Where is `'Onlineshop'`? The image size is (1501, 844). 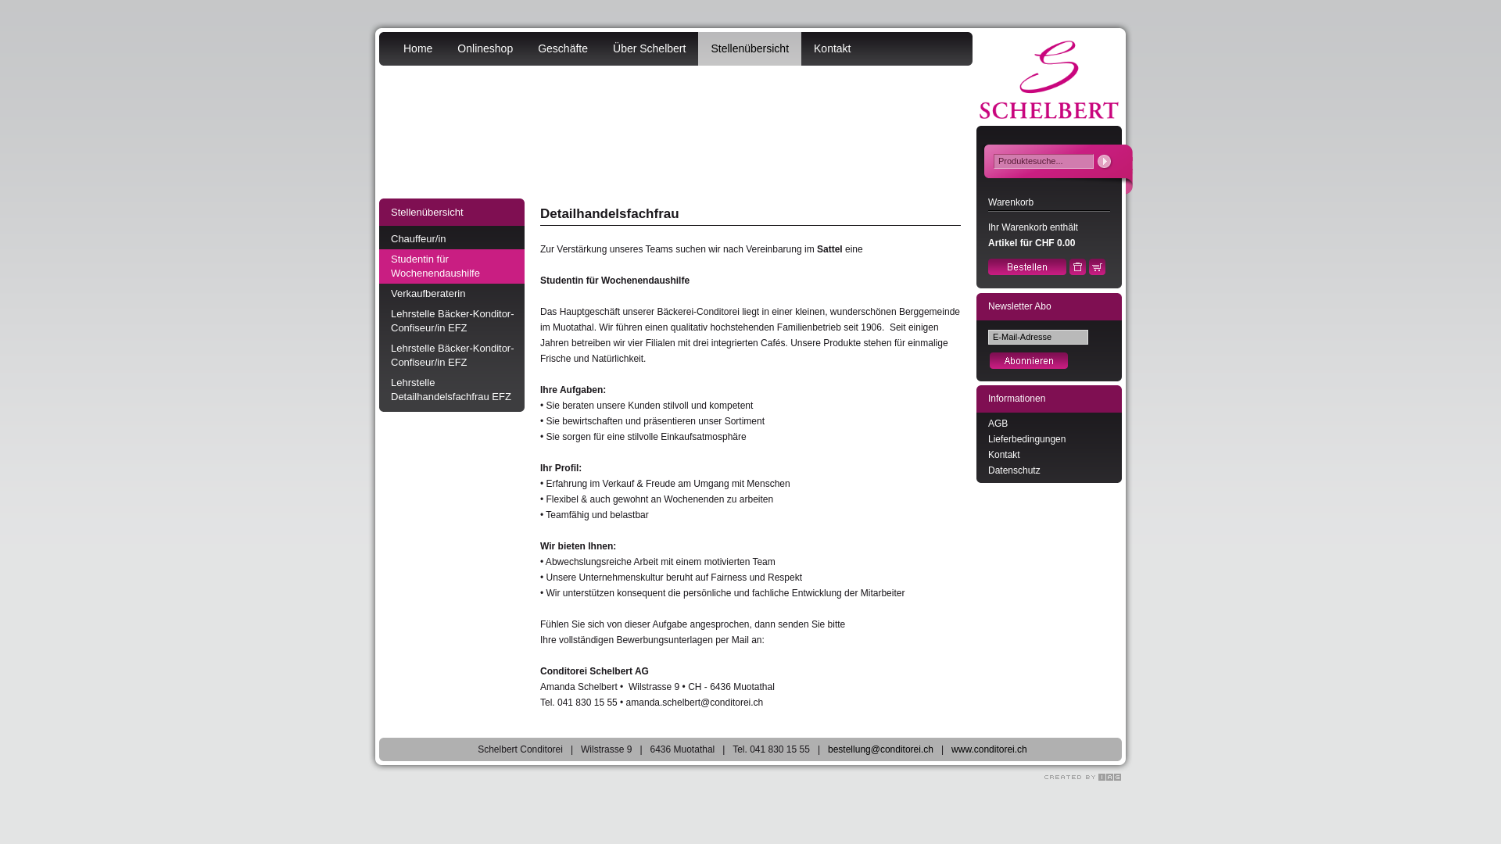 'Onlineshop' is located at coordinates (484, 48).